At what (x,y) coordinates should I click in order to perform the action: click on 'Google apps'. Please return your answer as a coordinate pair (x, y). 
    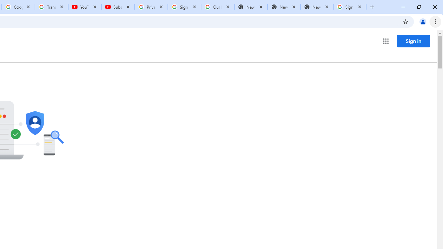
    Looking at the image, I should click on (385, 41).